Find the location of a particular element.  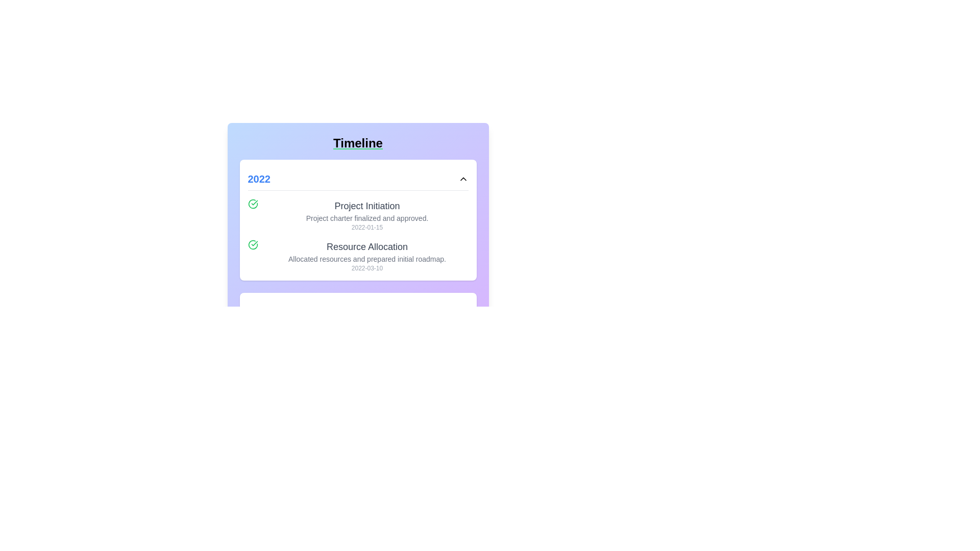

the text label displaying the date '2022-03-10', which is a small gray text component located at the bottom of the 'Resource Allocation' section is located at coordinates (367, 267).